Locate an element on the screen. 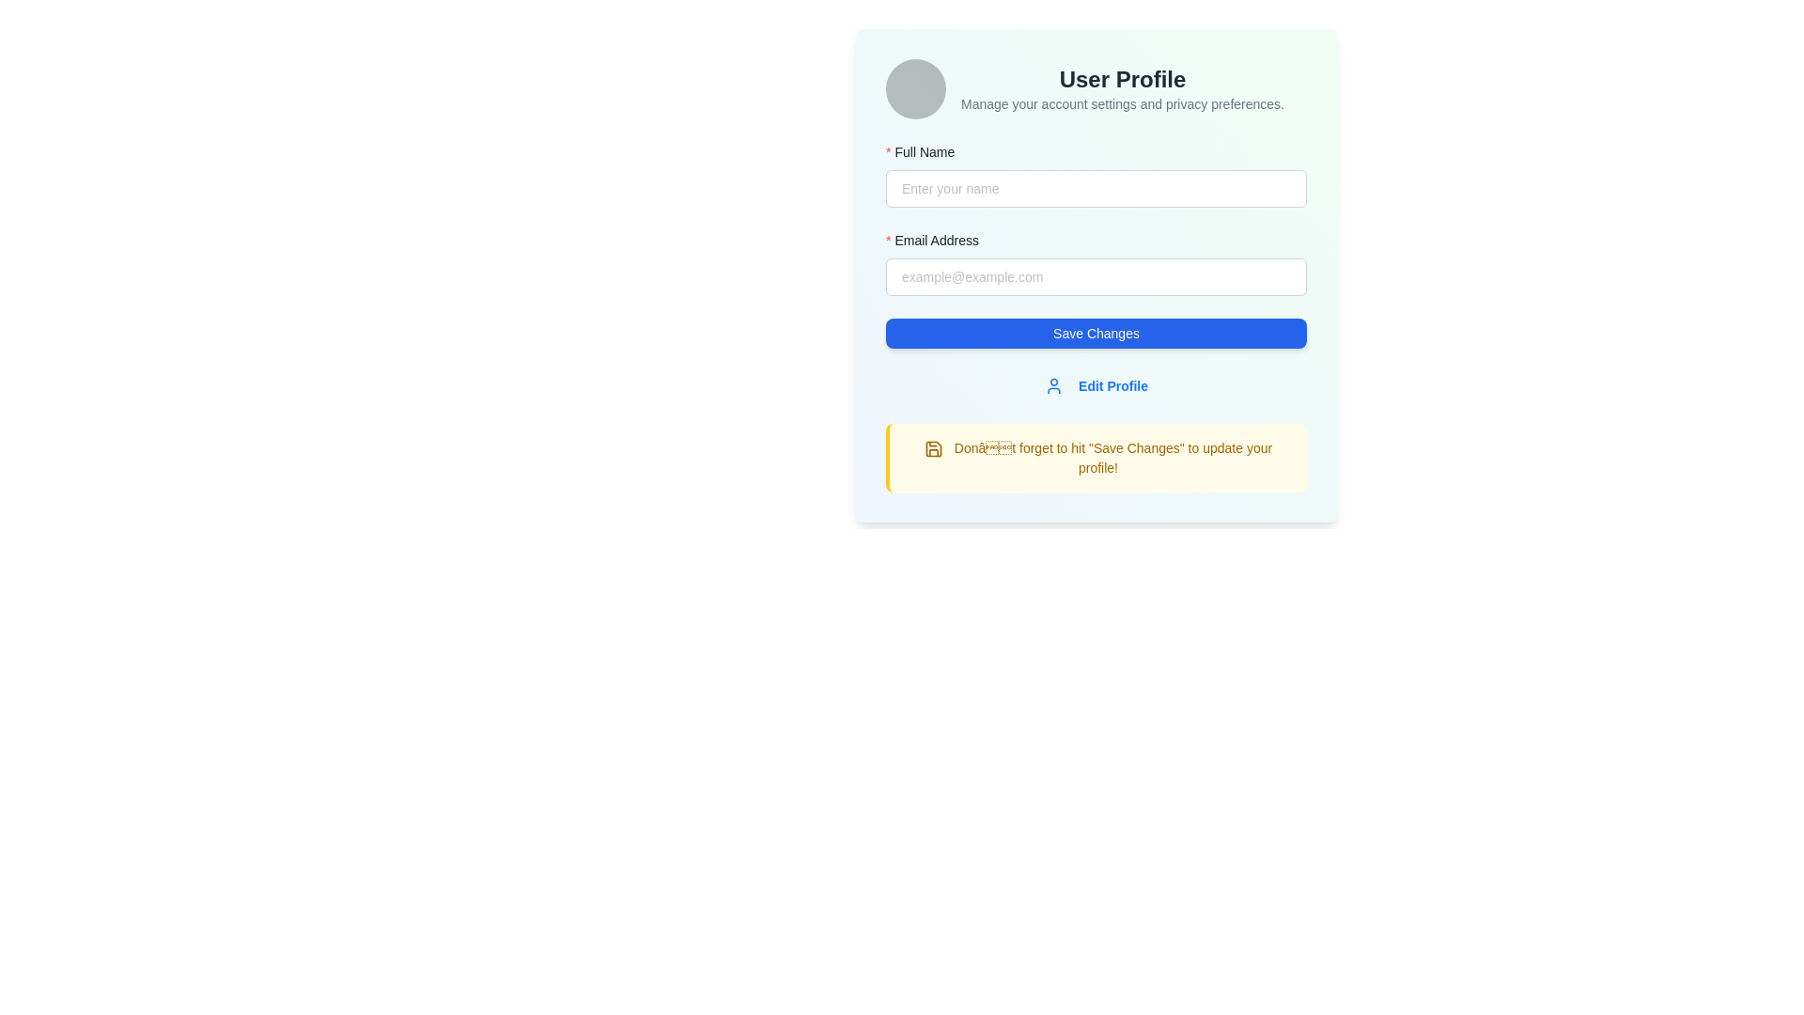 This screenshot has width=1804, height=1015. the save icon located to the left of the 'Don’t forget to hit "Save Changes" to update your profile!' text within the yellow warning box is located at coordinates (933, 449).